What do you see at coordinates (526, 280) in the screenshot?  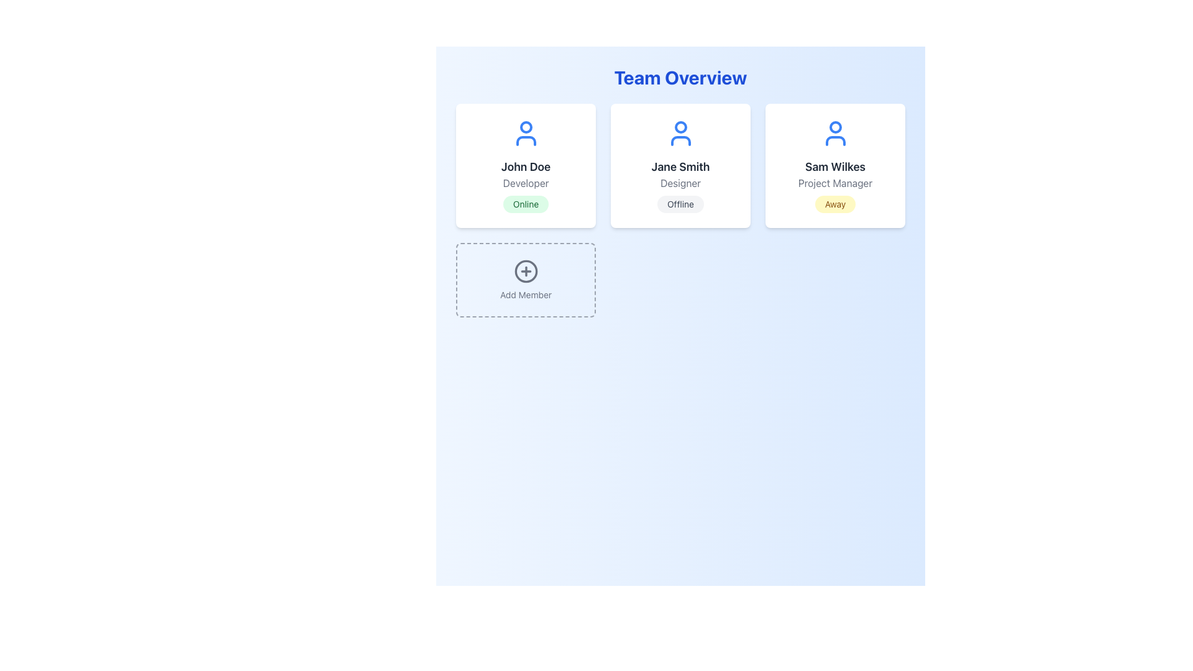 I see `the 'Add Member' button, which is a rectangular button with a dashed border and a plus icon in the center, located in the lower-left corner of a grid layout` at bounding box center [526, 280].